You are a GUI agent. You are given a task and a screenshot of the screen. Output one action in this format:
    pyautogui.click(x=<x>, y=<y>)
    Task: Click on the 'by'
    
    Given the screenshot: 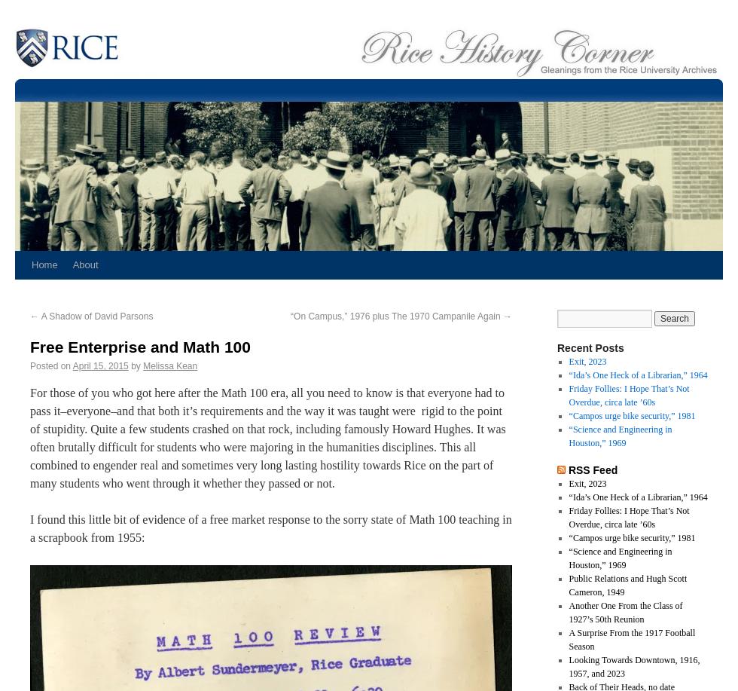 What is the action you would take?
    pyautogui.click(x=136, y=365)
    